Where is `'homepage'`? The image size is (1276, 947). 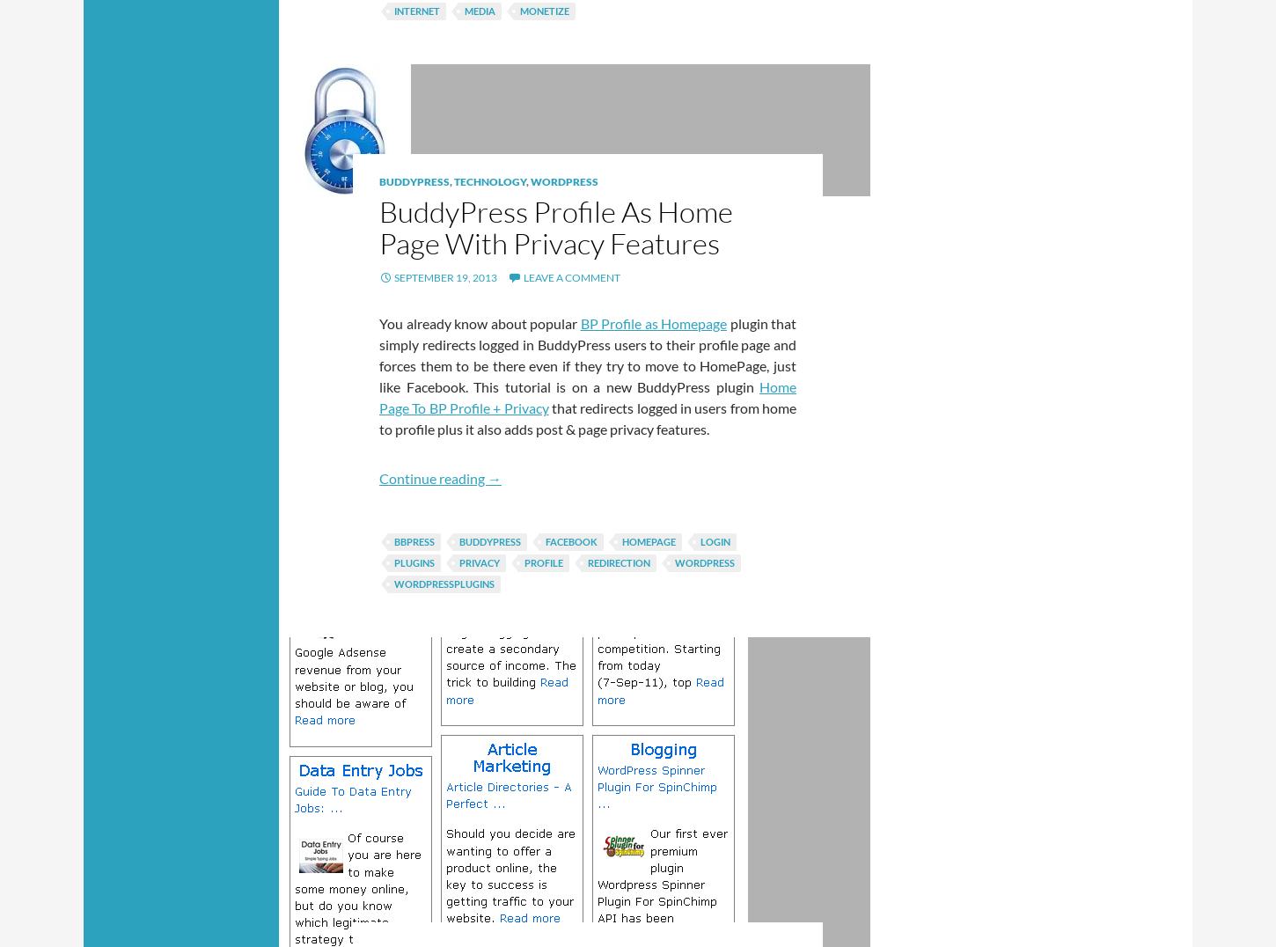 'homepage' is located at coordinates (649, 541).